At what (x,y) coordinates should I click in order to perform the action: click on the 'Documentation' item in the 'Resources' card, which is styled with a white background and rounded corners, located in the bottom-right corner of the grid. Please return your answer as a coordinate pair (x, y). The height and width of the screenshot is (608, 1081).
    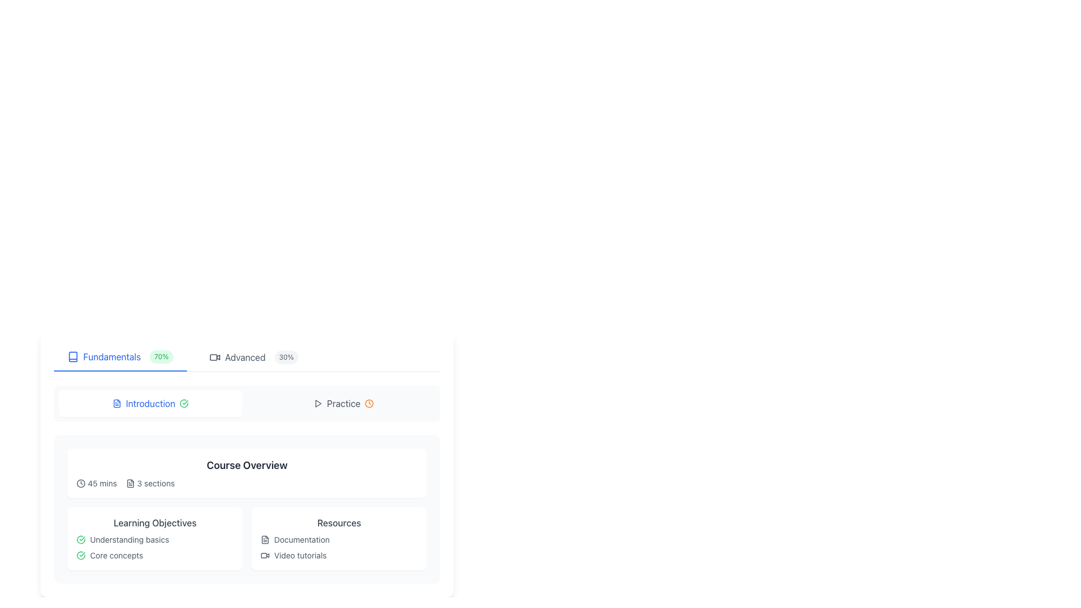
    Looking at the image, I should click on (338, 538).